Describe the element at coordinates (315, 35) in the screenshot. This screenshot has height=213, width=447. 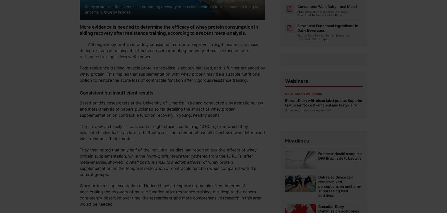
I see `'Virginia Dare Extract Co Inc'` at that location.